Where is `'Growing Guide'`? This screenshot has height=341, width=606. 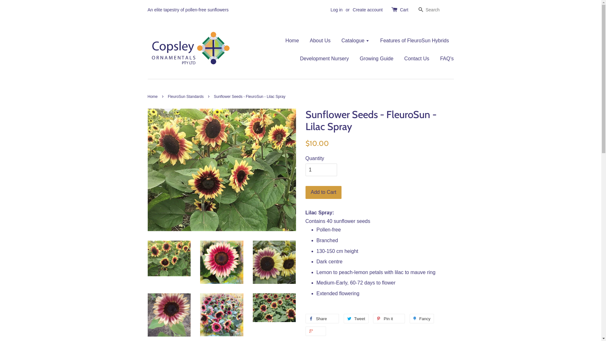
'Growing Guide' is located at coordinates (377, 58).